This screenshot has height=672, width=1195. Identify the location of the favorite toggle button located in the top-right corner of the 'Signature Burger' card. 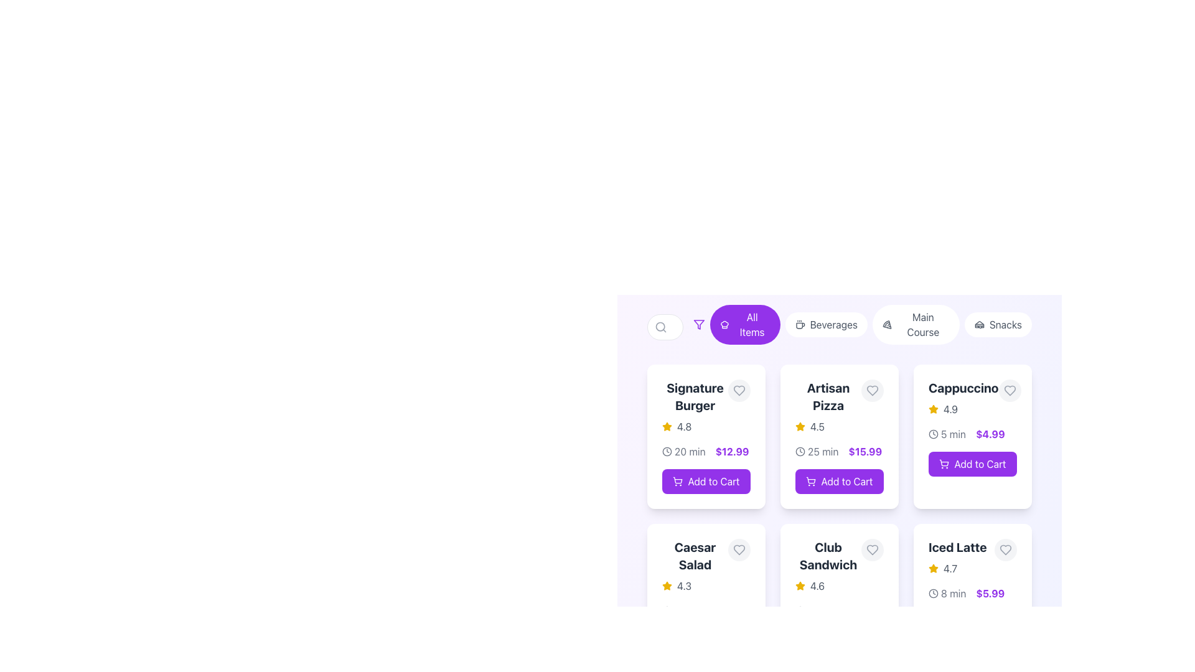
(739, 390).